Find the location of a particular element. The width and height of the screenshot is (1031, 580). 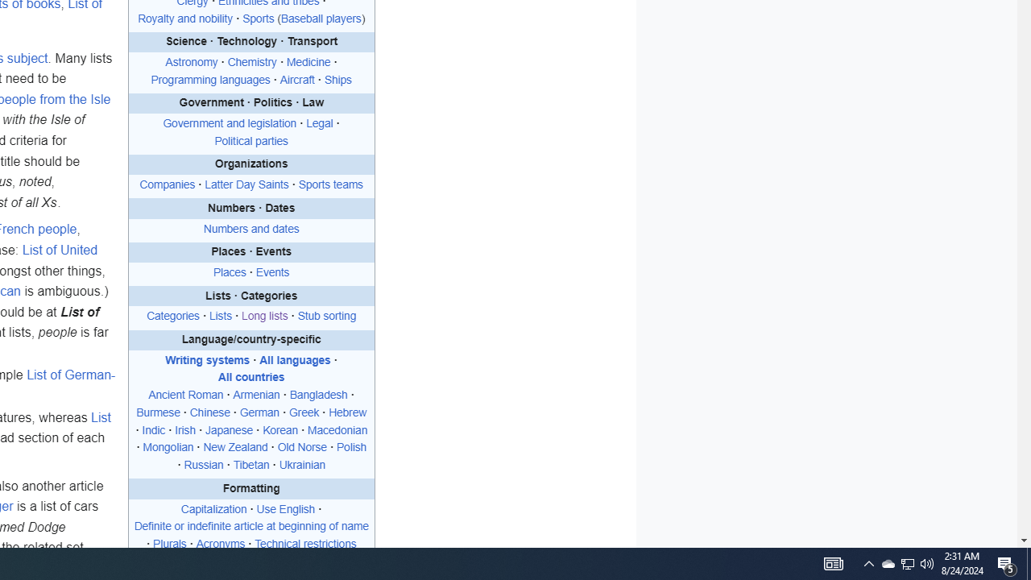

'Japanese' is located at coordinates (228, 429).